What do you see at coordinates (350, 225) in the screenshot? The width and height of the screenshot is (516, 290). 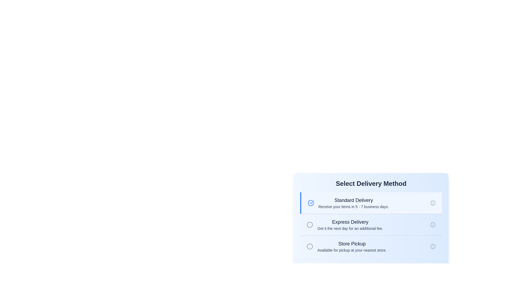 I see `the label displaying 'Express Delivery' with the description 'Get it the next day for an additional fee.' which is the second option in the delivery method selection UI` at bounding box center [350, 225].